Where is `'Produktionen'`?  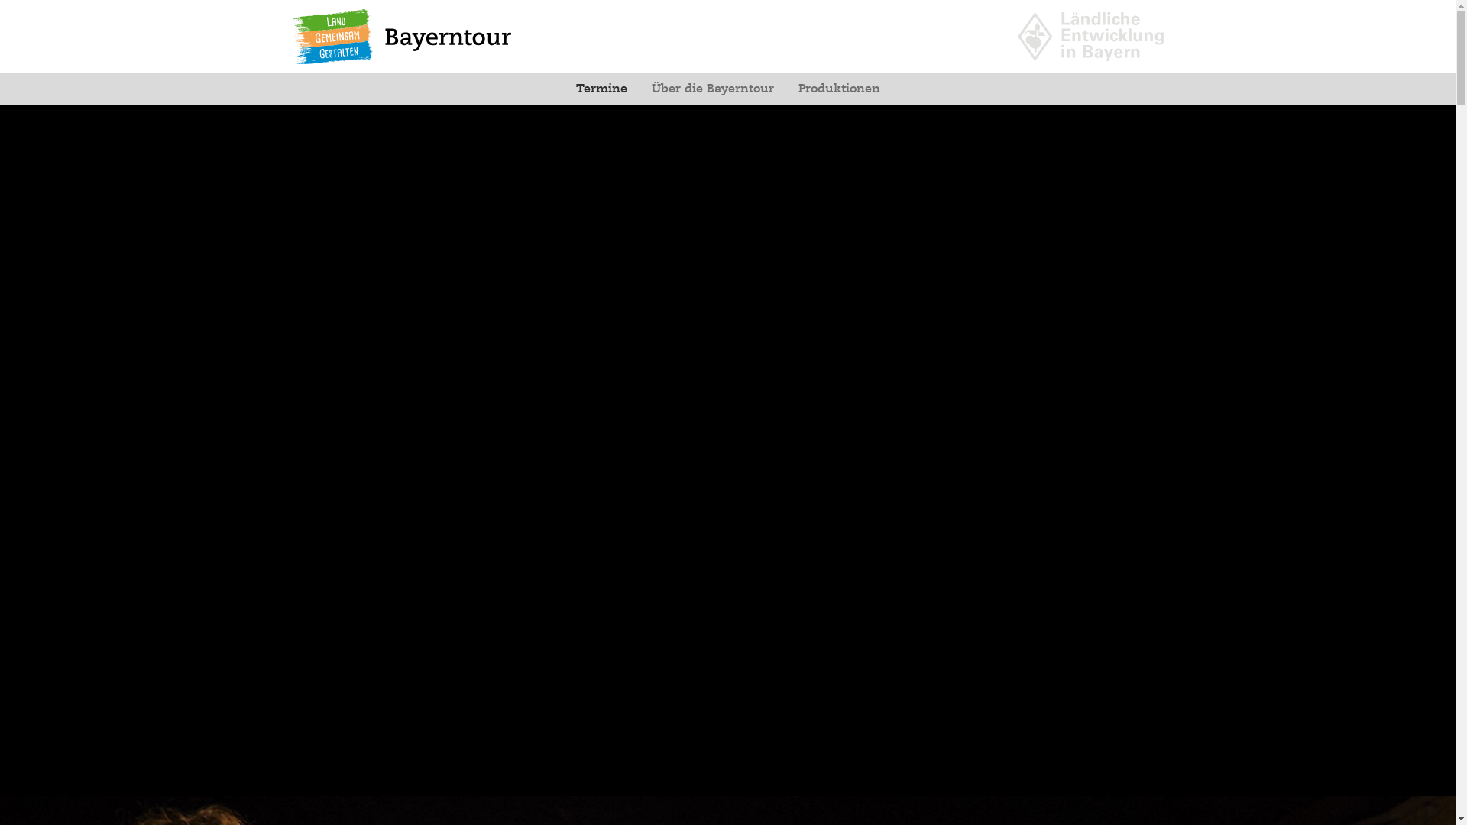
'Produktionen' is located at coordinates (837, 89).